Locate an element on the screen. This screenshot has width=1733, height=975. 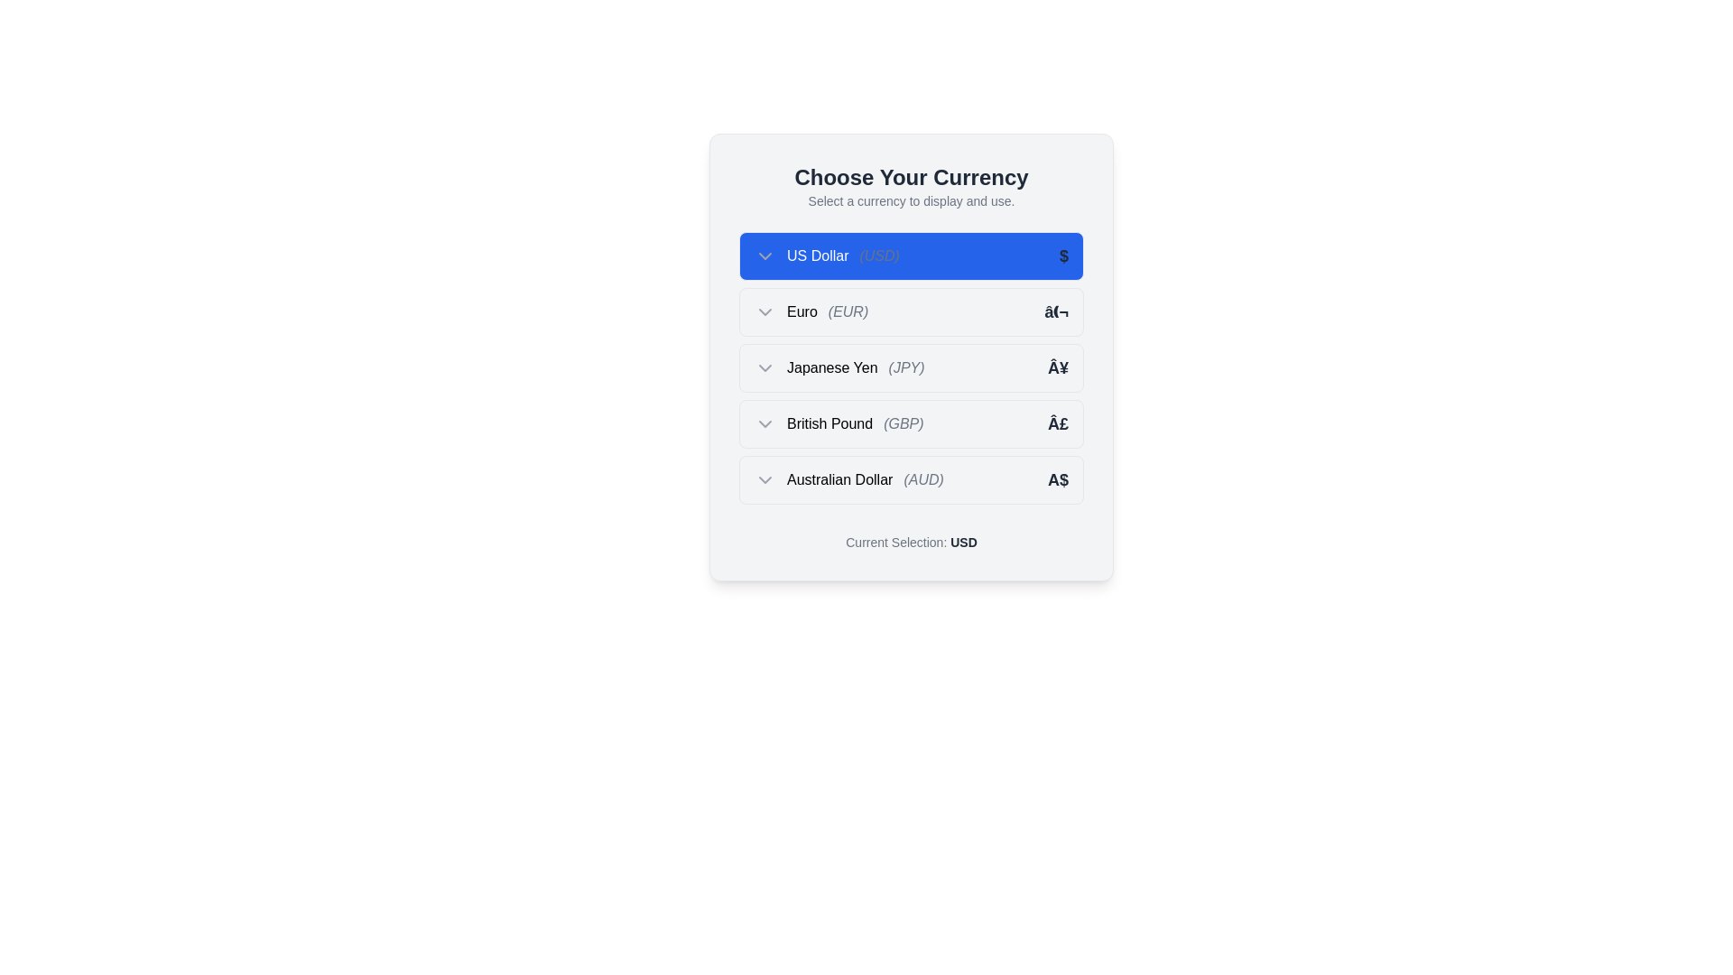
or read the currency symbol indicator for the Australian Dollar (AUD) located at the far right of the '(AUD)' entry in the dropdown list is located at coordinates (1058, 479).